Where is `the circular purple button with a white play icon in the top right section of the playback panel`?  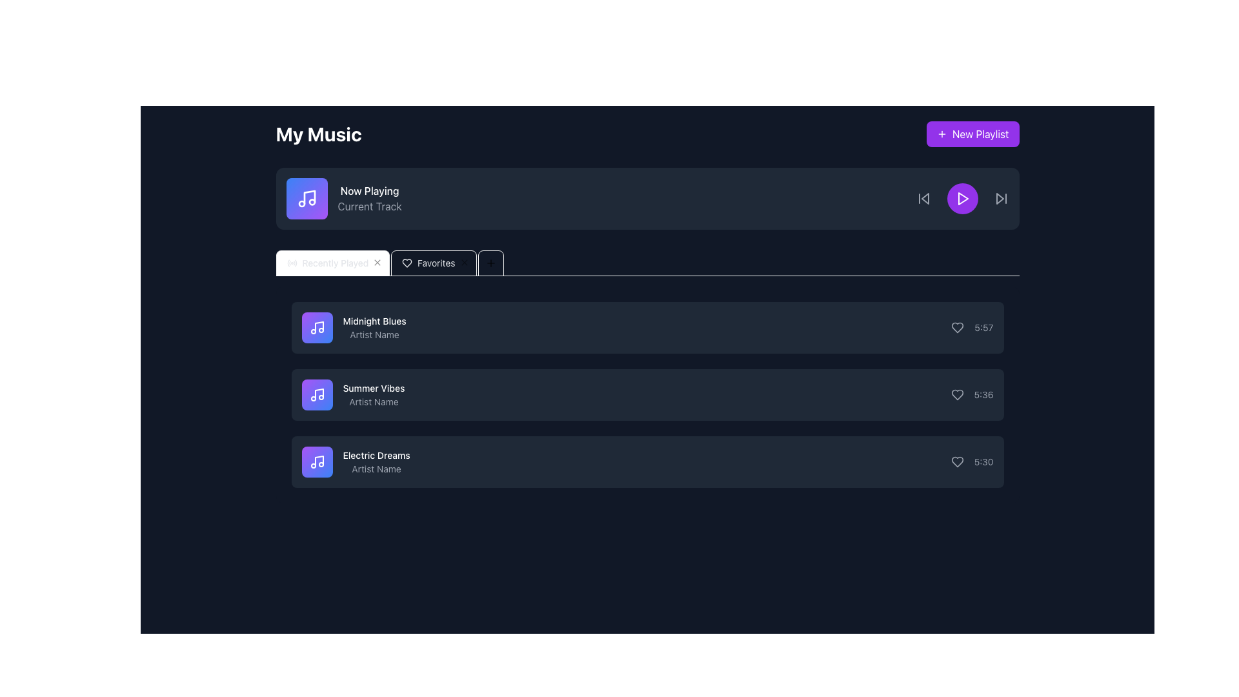 the circular purple button with a white play icon in the top right section of the playback panel is located at coordinates (962, 199).